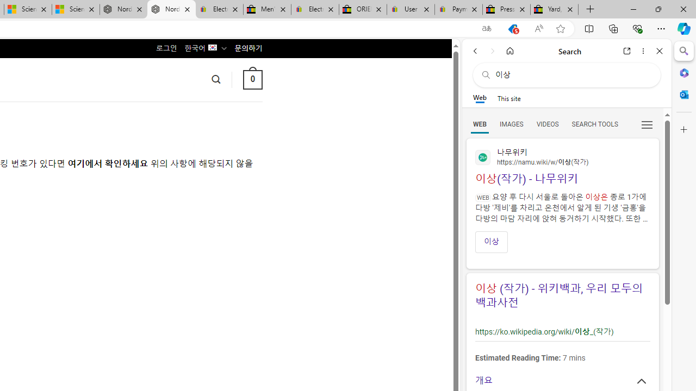  I want to click on 'Payments Terms of Use | eBay.com', so click(458, 9).